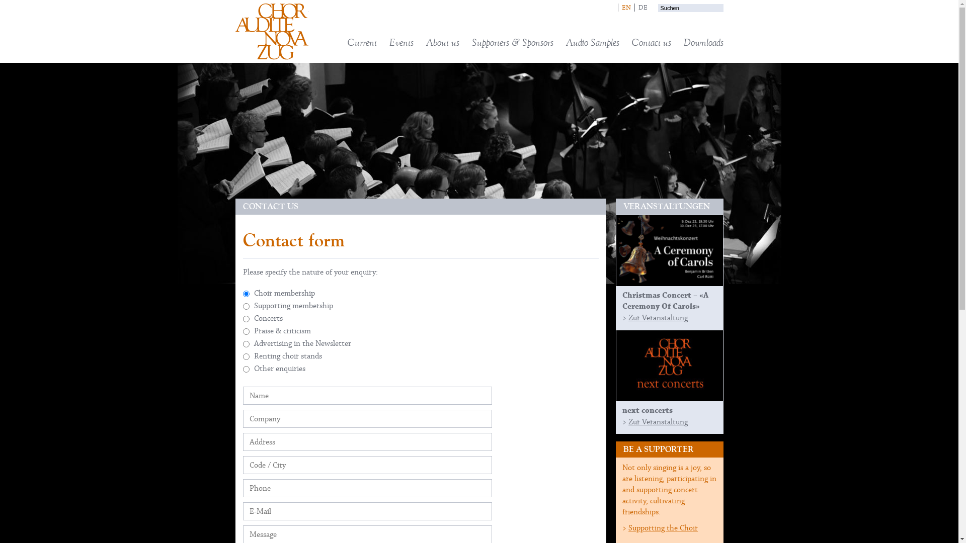  What do you see at coordinates (688, 17) in the screenshot?
I see `'Find'` at bounding box center [688, 17].